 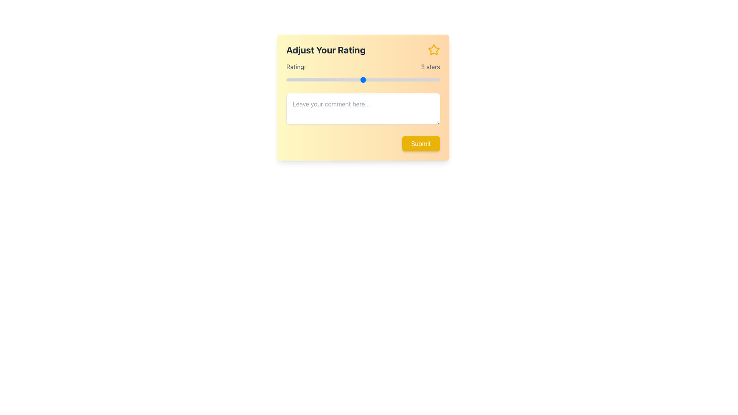 What do you see at coordinates (326, 50) in the screenshot?
I see `the non-interactive Text Label that denotes the purpose of the rating feature, located to the left of the star icon` at bounding box center [326, 50].